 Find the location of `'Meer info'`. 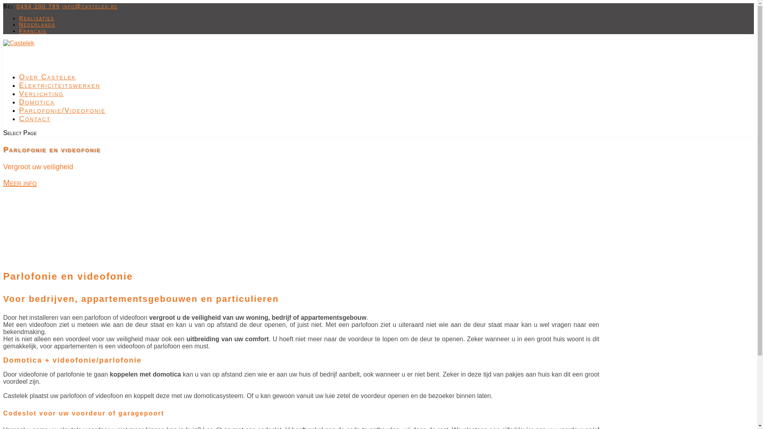

'Meer info' is located at coordinates (3, 182).